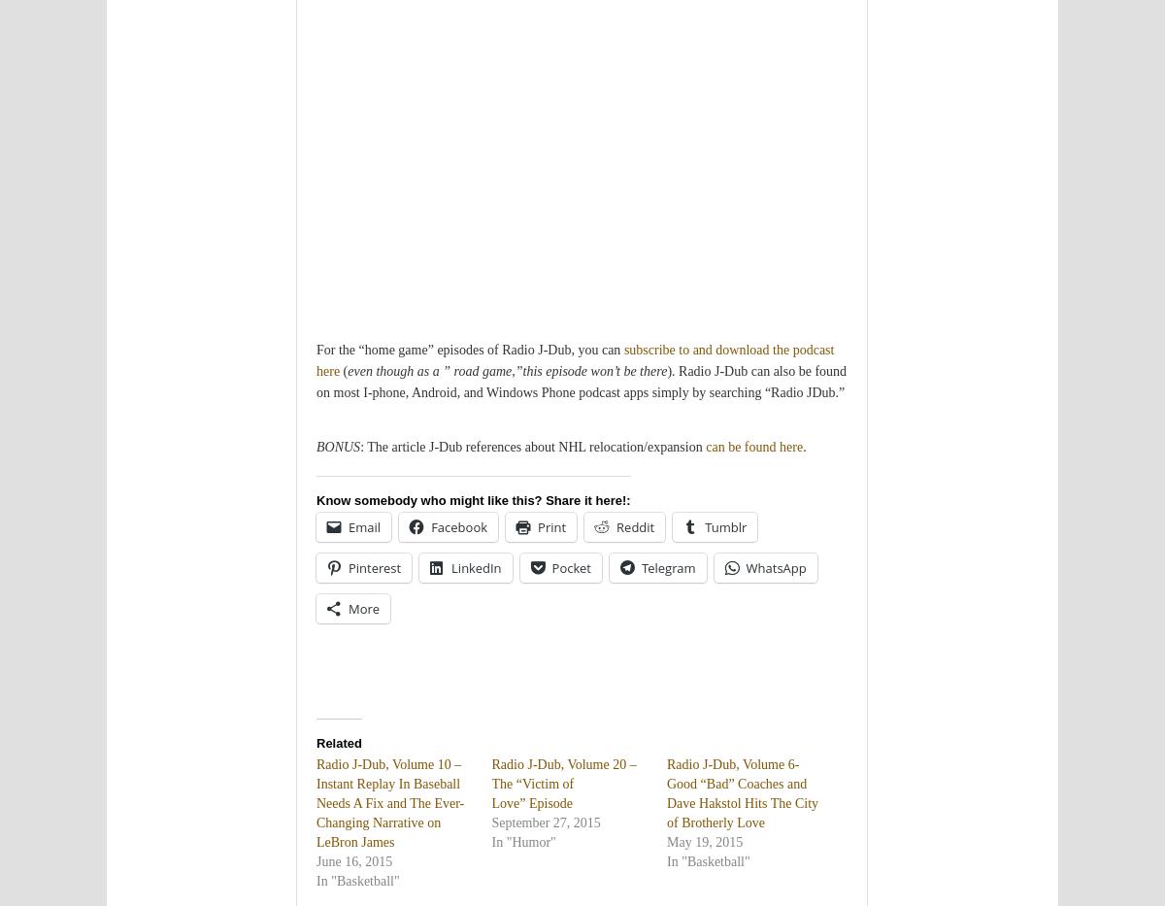 The height and width of the screenshot is (906, 1165). I want to click on 'can be found here', so click(753, 446).